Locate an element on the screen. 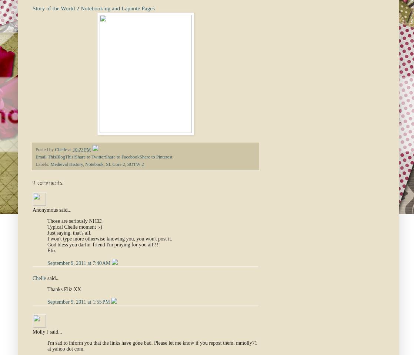 Image resolution: width=414 pixels, height=355 pixels. 'Posted by' is located at coordinates (45, 149).